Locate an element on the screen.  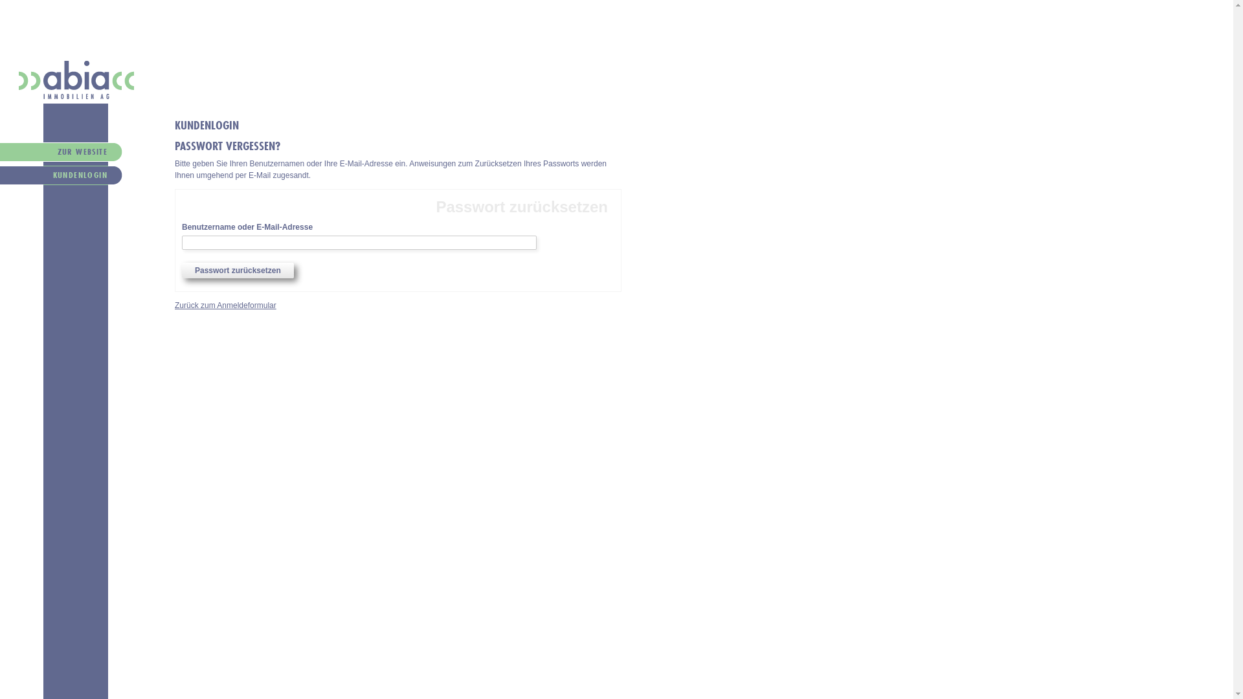
'KUNDENLOGIN' is located at coordinates (0, 177).